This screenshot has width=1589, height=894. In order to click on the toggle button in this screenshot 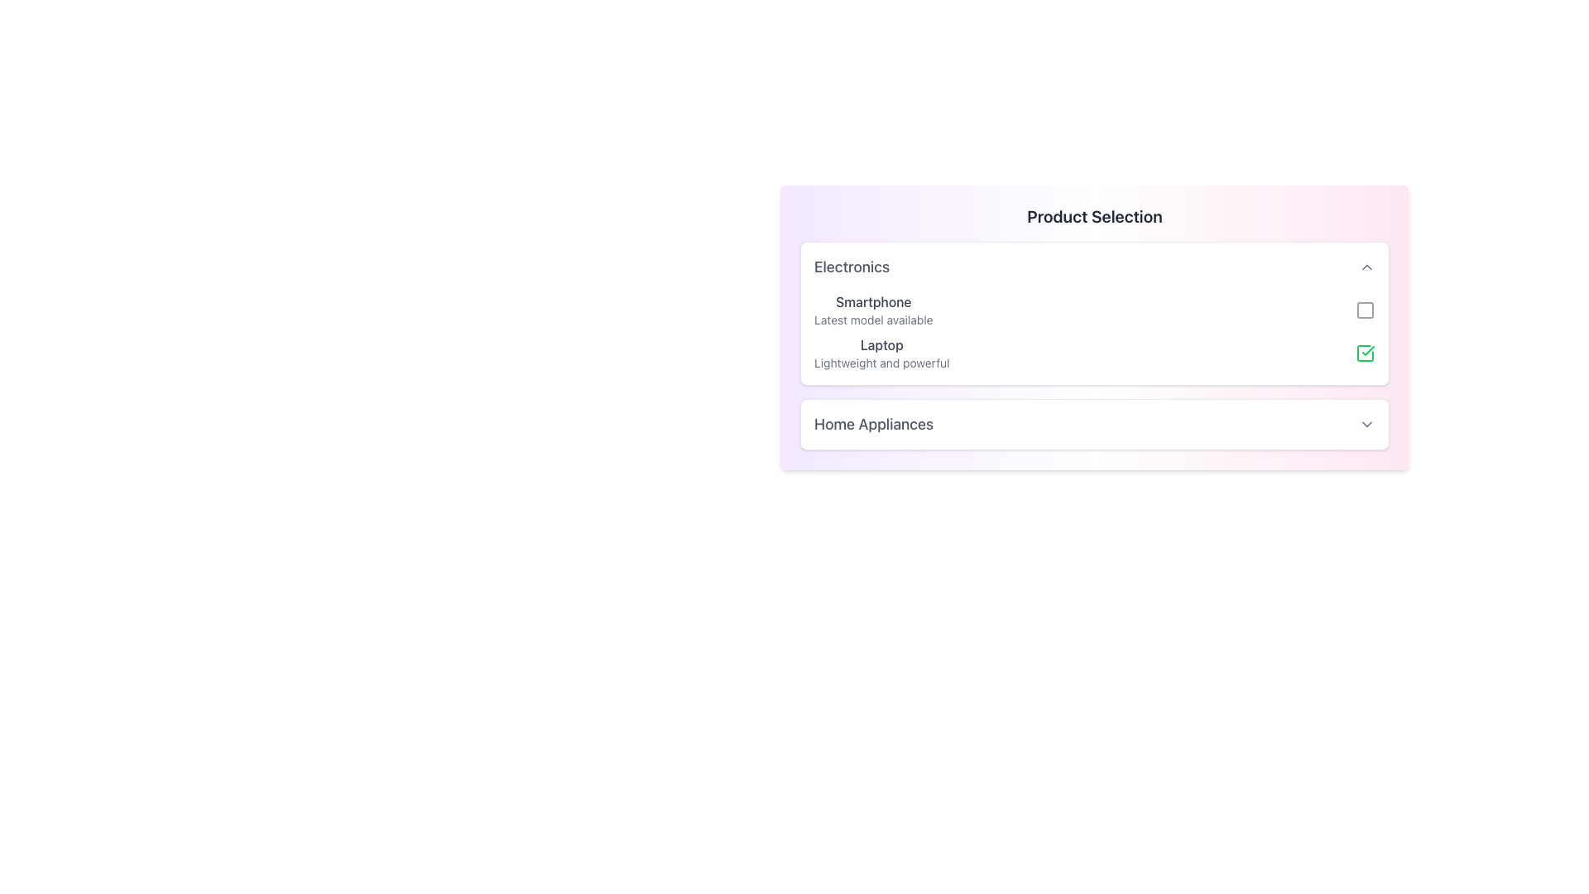, I will do `click(1366, 424)`.